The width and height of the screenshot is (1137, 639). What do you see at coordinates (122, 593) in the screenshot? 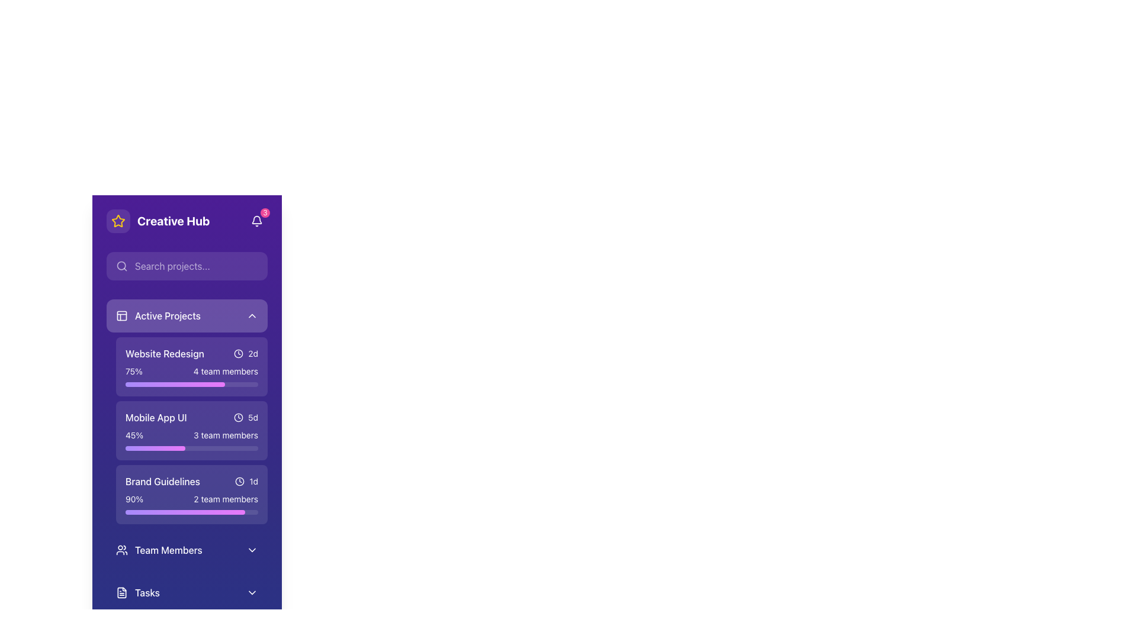
I see `the file icon in the 'Tasks' section of the navigation menu located on the left side of the interface` at bounding box center [122, 593].